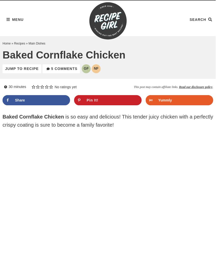  What do you see at coordinates (2, 43) in the screenshot?
I see `'Home'` at bounding box center [2, 43].